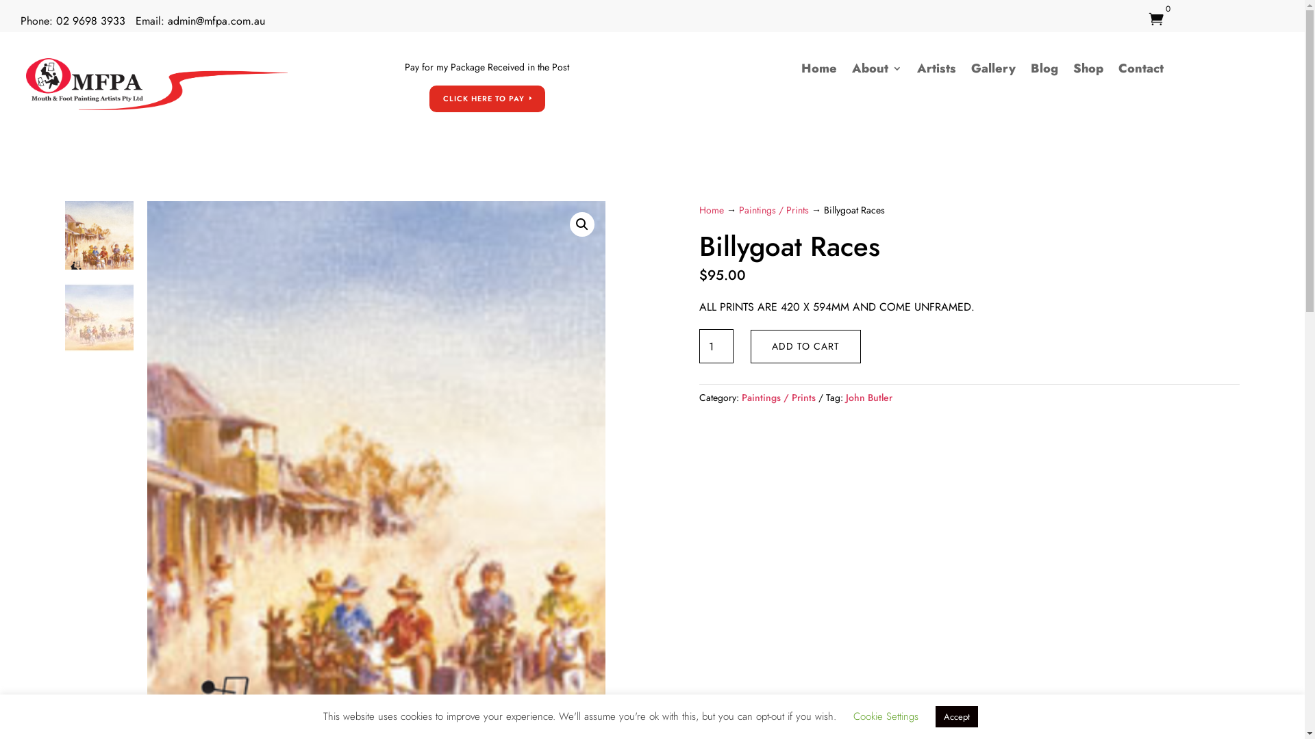 The image size is (1315, 739). What do you see at coordinates (818, 71) in the screenshot?
I see `'Home'` at bounding box center [818, 71].